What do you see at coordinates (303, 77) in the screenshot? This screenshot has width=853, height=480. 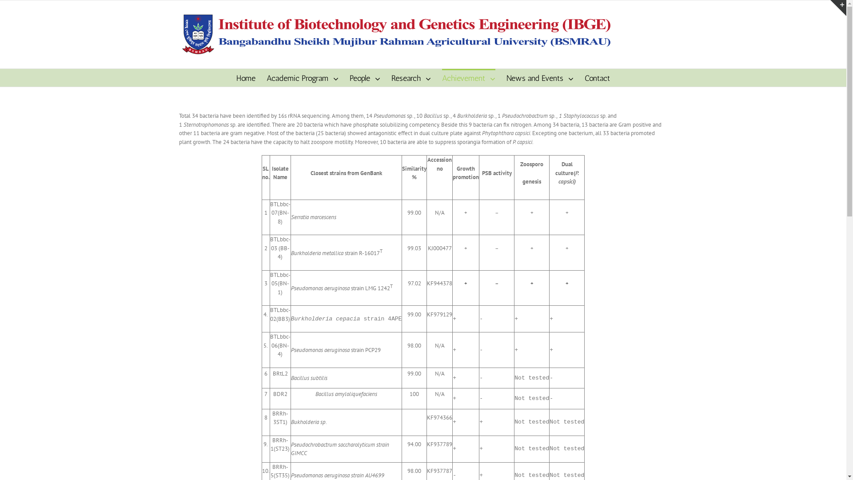 I see `'Academic Program'` at bounding box center [303, 77].